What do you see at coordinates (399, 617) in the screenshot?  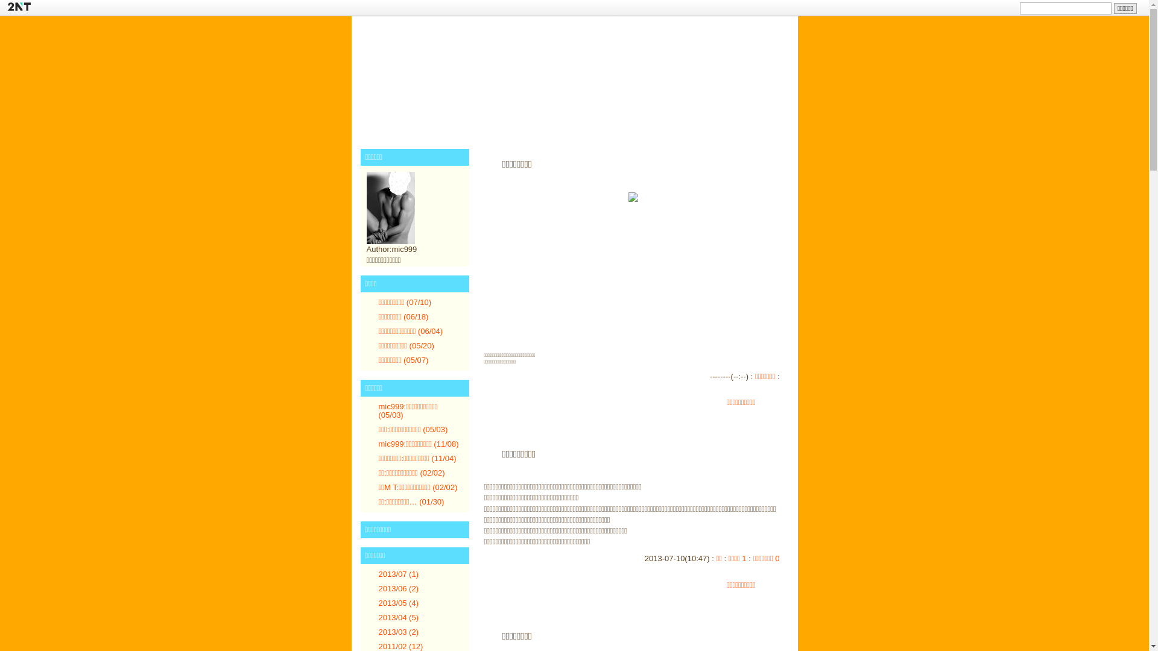 I see `'2013/04 (5)'` at bounding box center [399, 617].